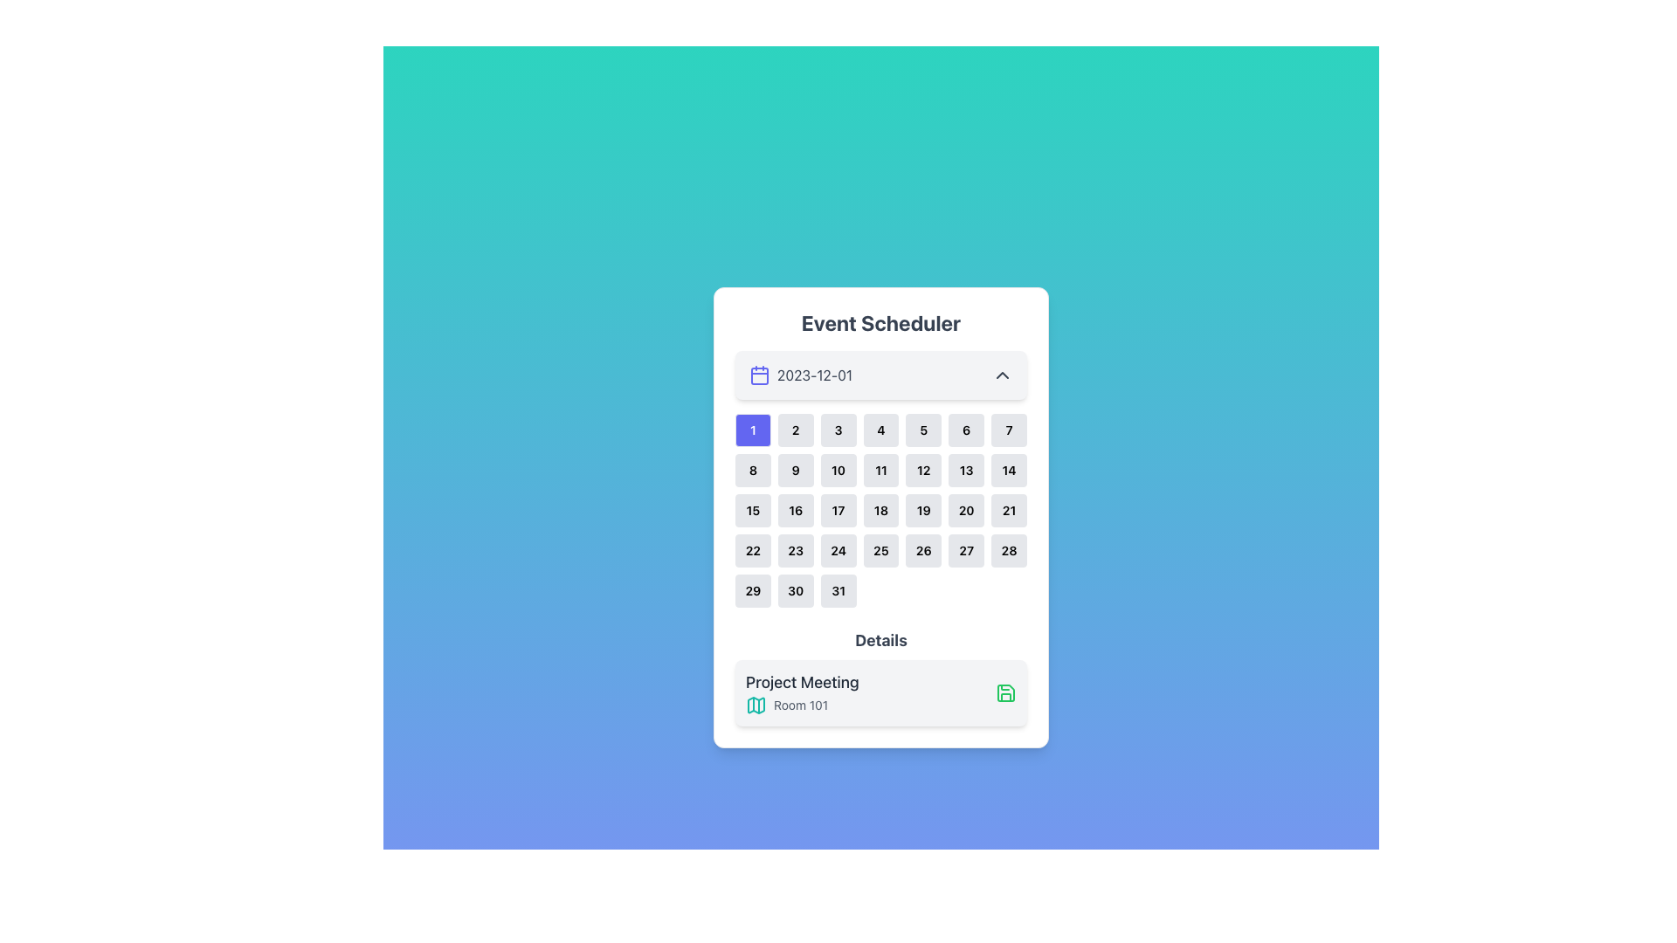  Describe the element at coordinates (795, 430) in the screenshot. I see `the button displaying the number '2' in a light gray square with rounded corners` at that location.